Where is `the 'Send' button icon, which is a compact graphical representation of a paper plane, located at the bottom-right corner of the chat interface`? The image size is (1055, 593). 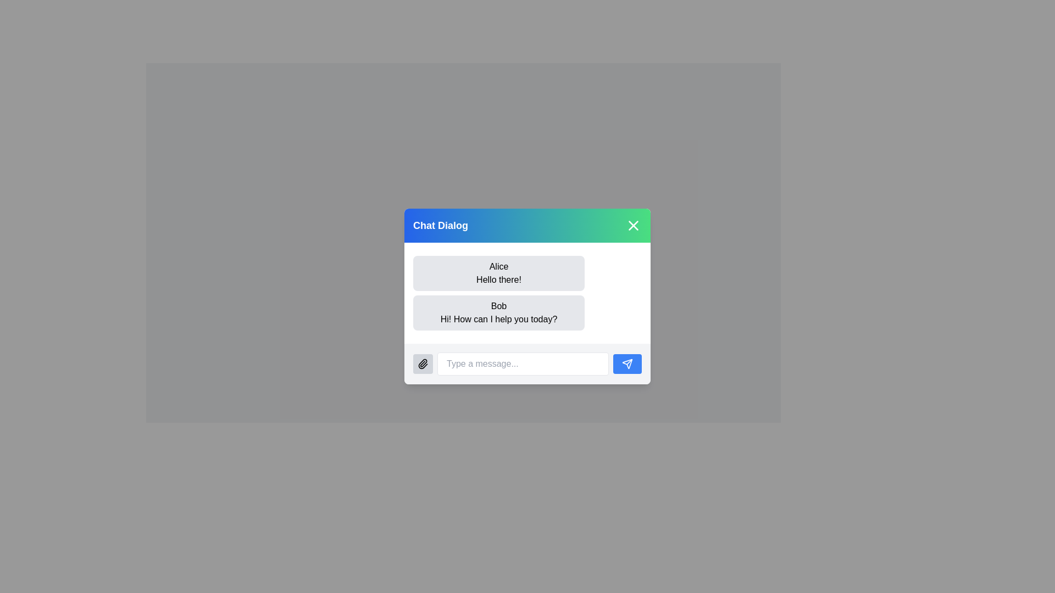 the 'Send' button icon, which is a compact graphical representation of a paper plane, located at the bottom-right corner of the chat interface is located at coordinates (628, 364).